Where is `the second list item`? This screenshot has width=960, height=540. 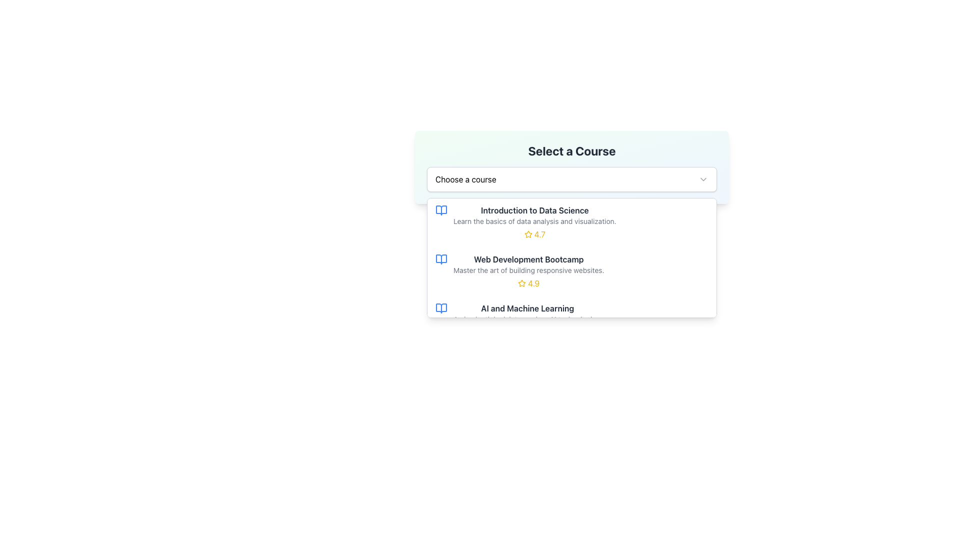
the second list item is located at coordinates (571, 271).